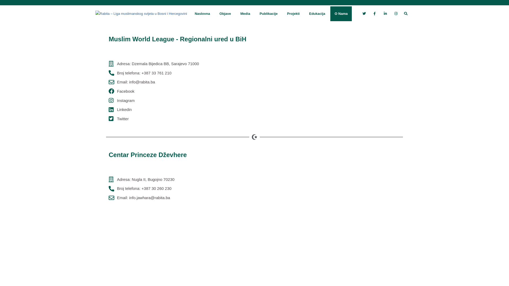 The image size is (509, 286). I want to click on 'Linkedin', so click(108, 109).